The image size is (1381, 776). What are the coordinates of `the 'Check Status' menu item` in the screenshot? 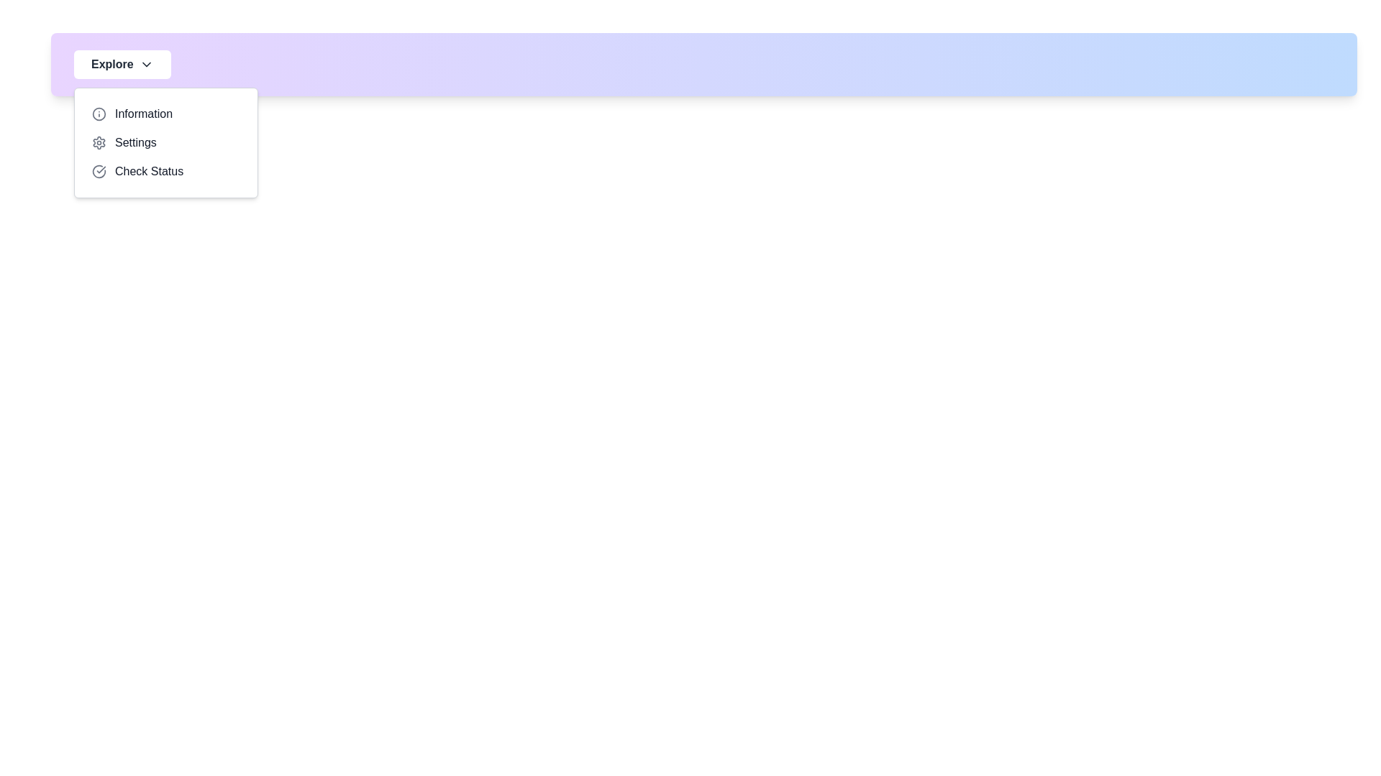 It's located at (165, 171).